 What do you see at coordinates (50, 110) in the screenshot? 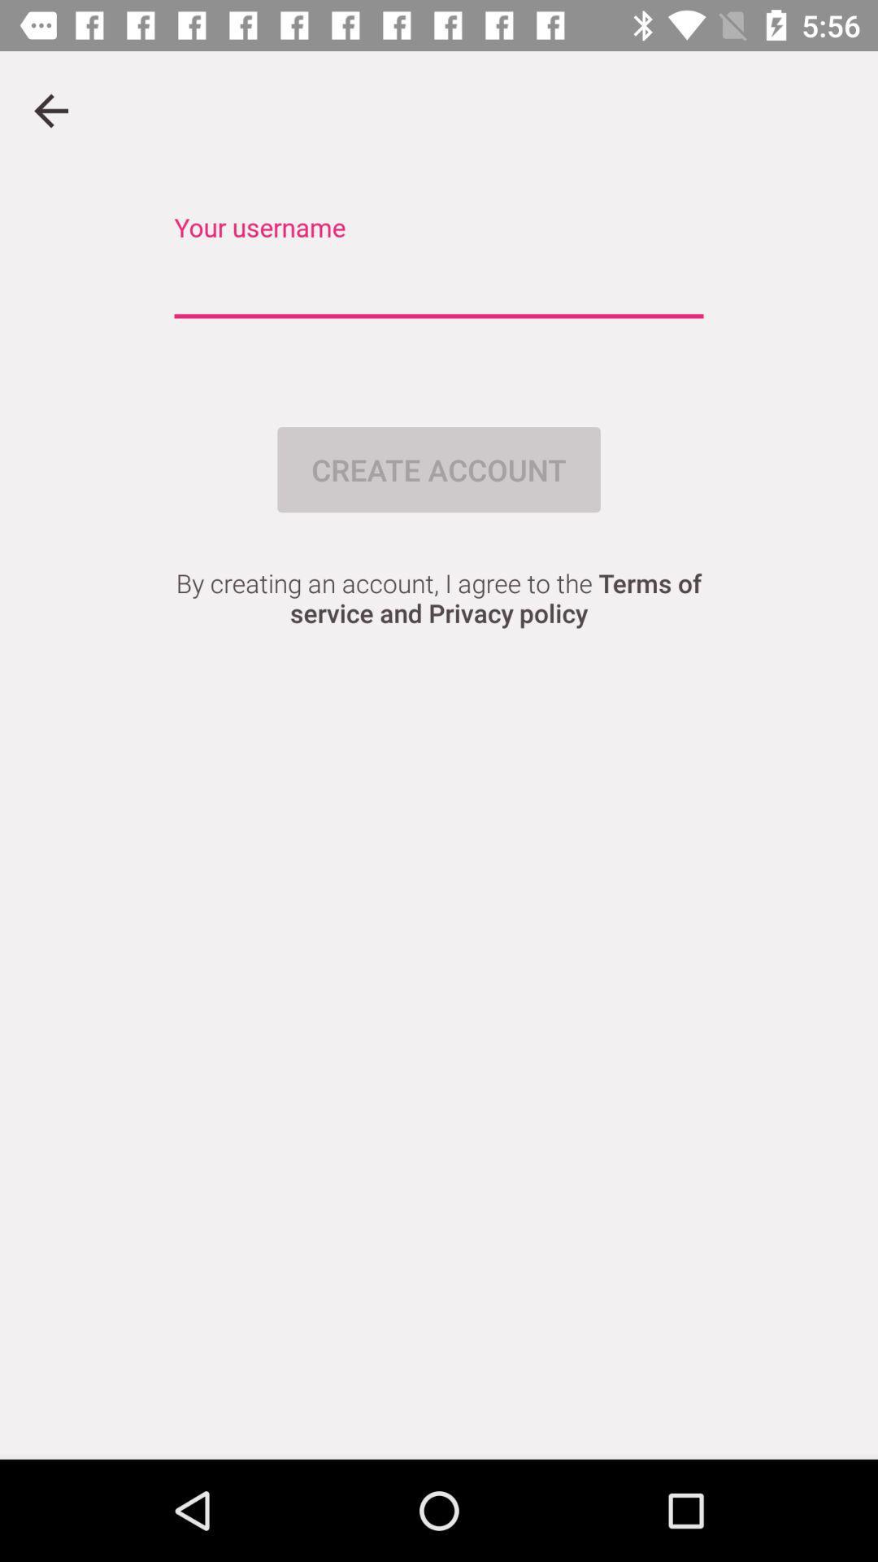
I see `go back` at bounding box center [50, 110].